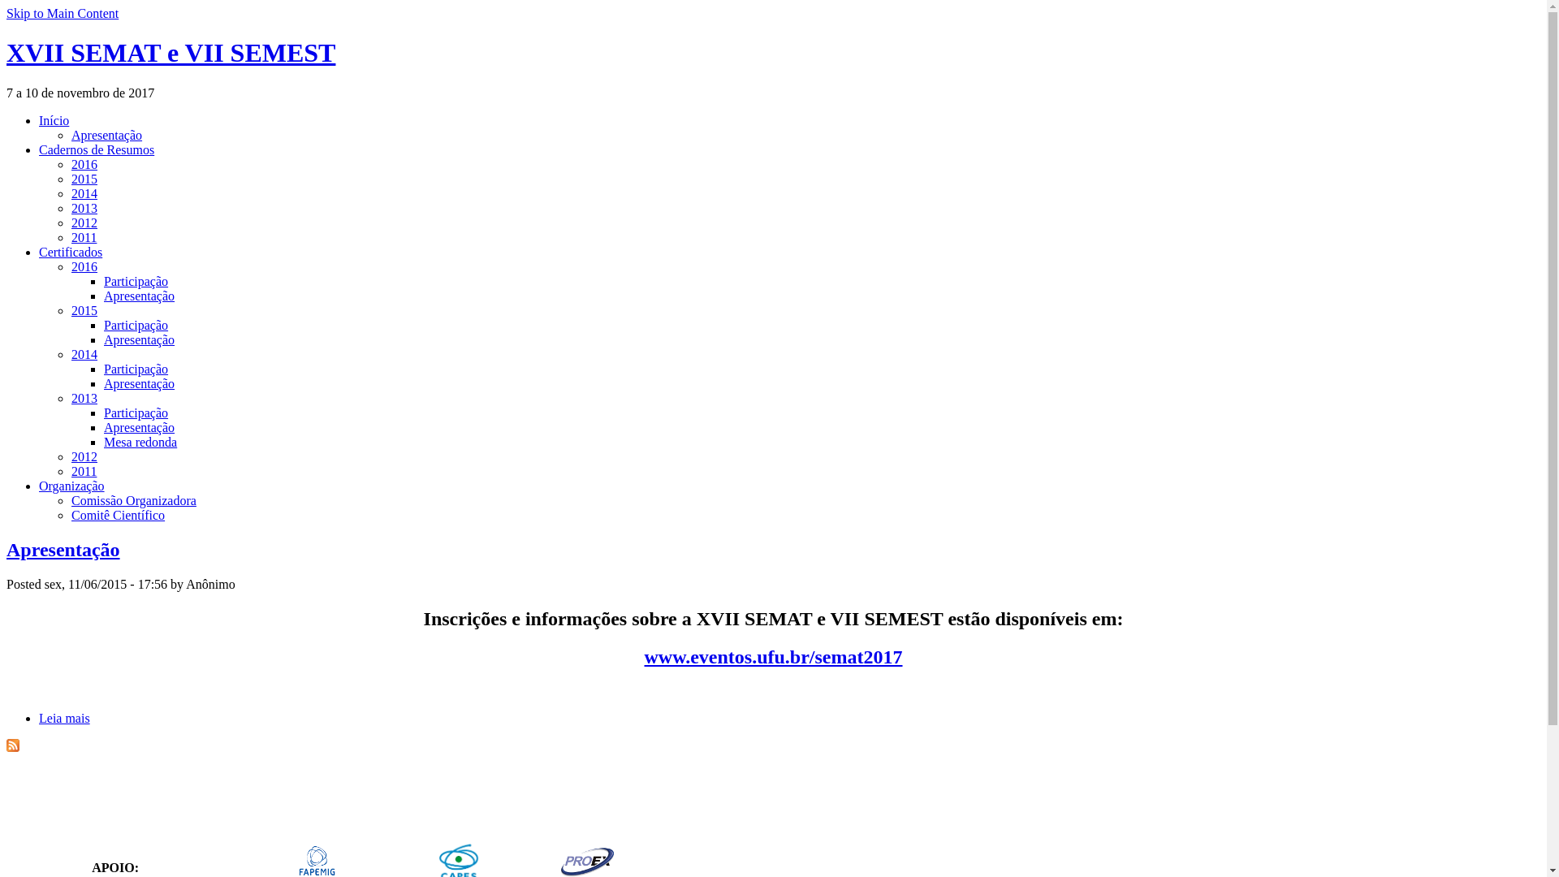 This screenshot has width=1559, height=877. I want to click on '2011', so click(83, 471).